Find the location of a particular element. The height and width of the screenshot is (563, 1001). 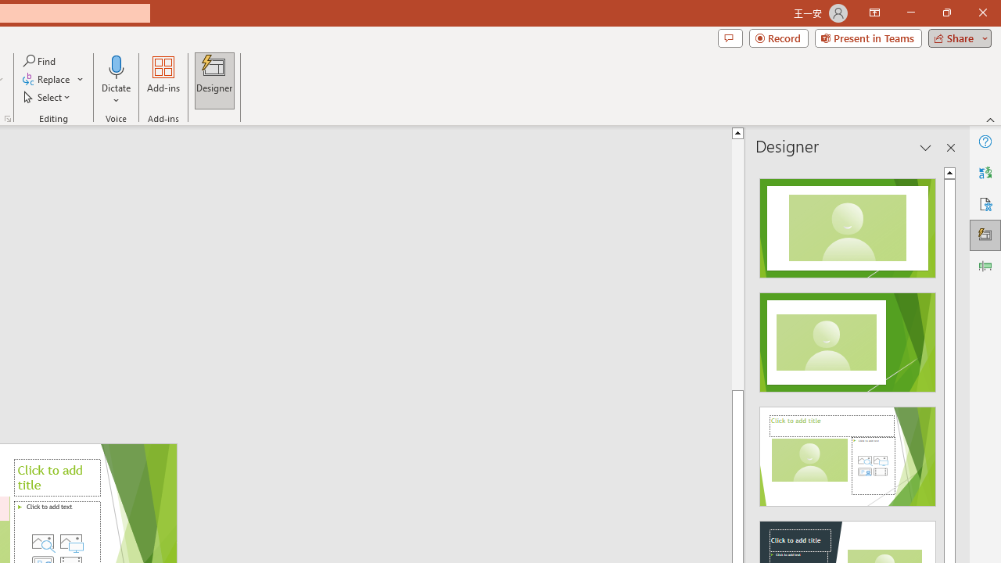

'Stock Images' is located at coordinates (42, 541).